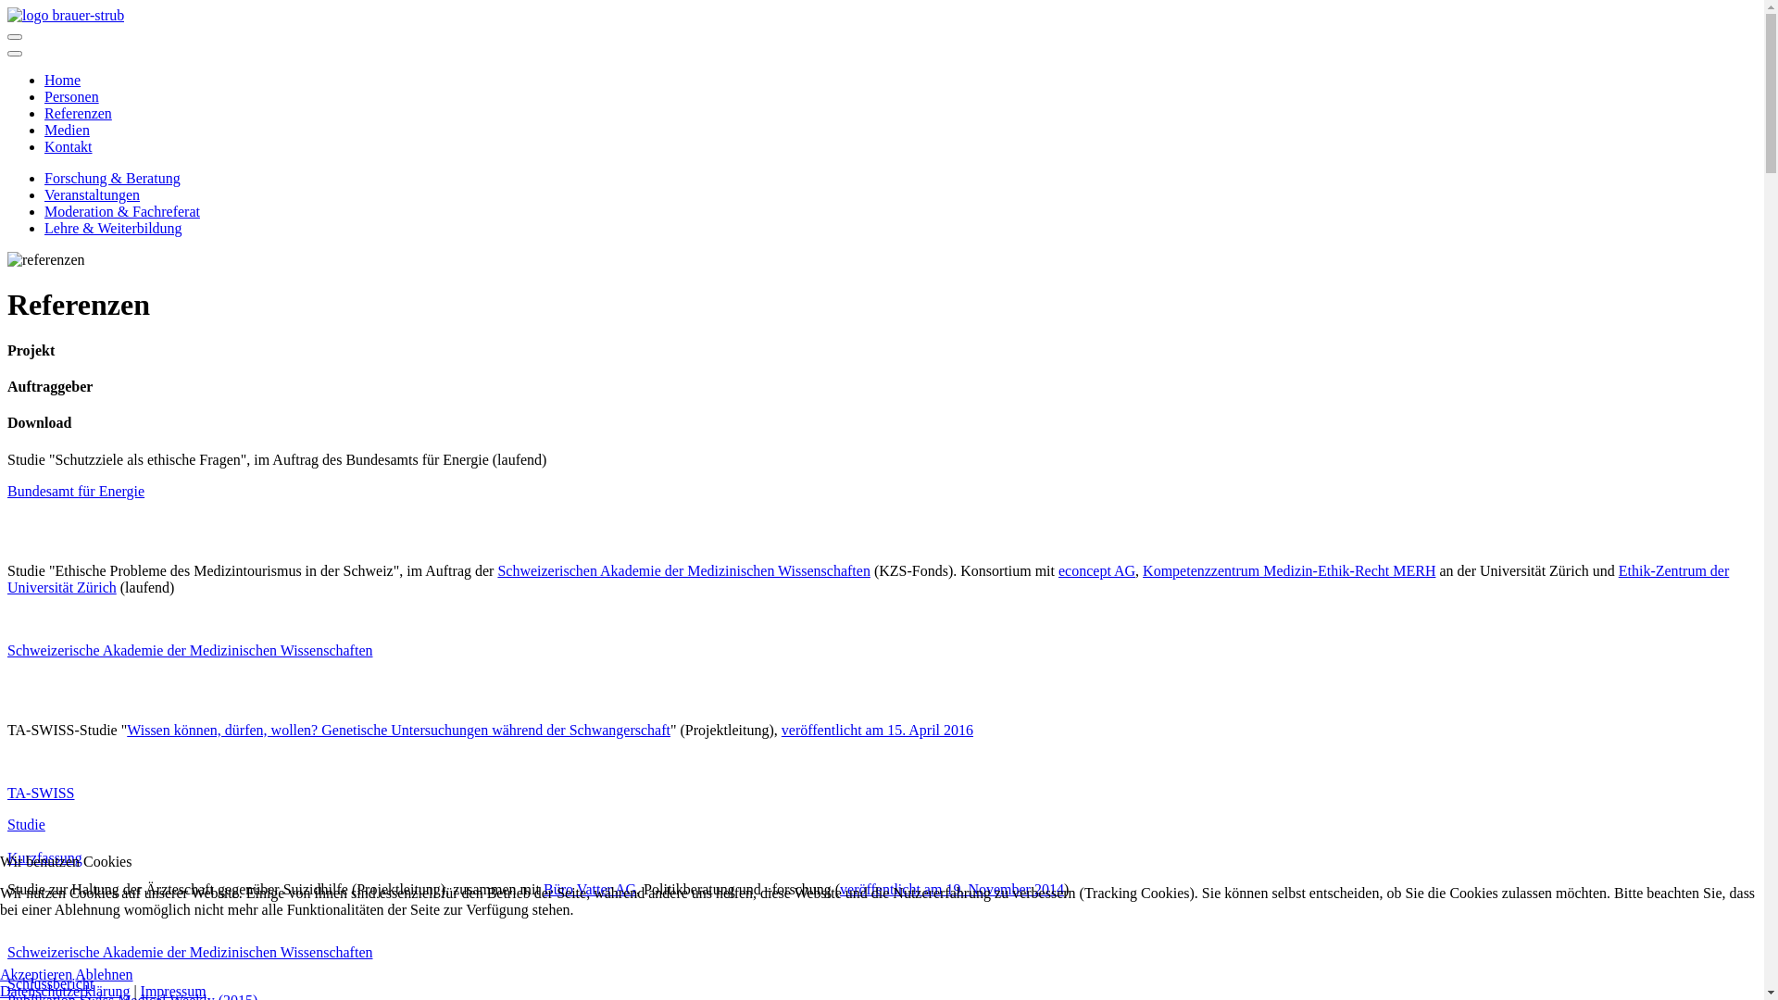  What do you see at coordinates (77, 113) in the screenshot?
I see `'Referenzen'` at bounding box center [77, 113].